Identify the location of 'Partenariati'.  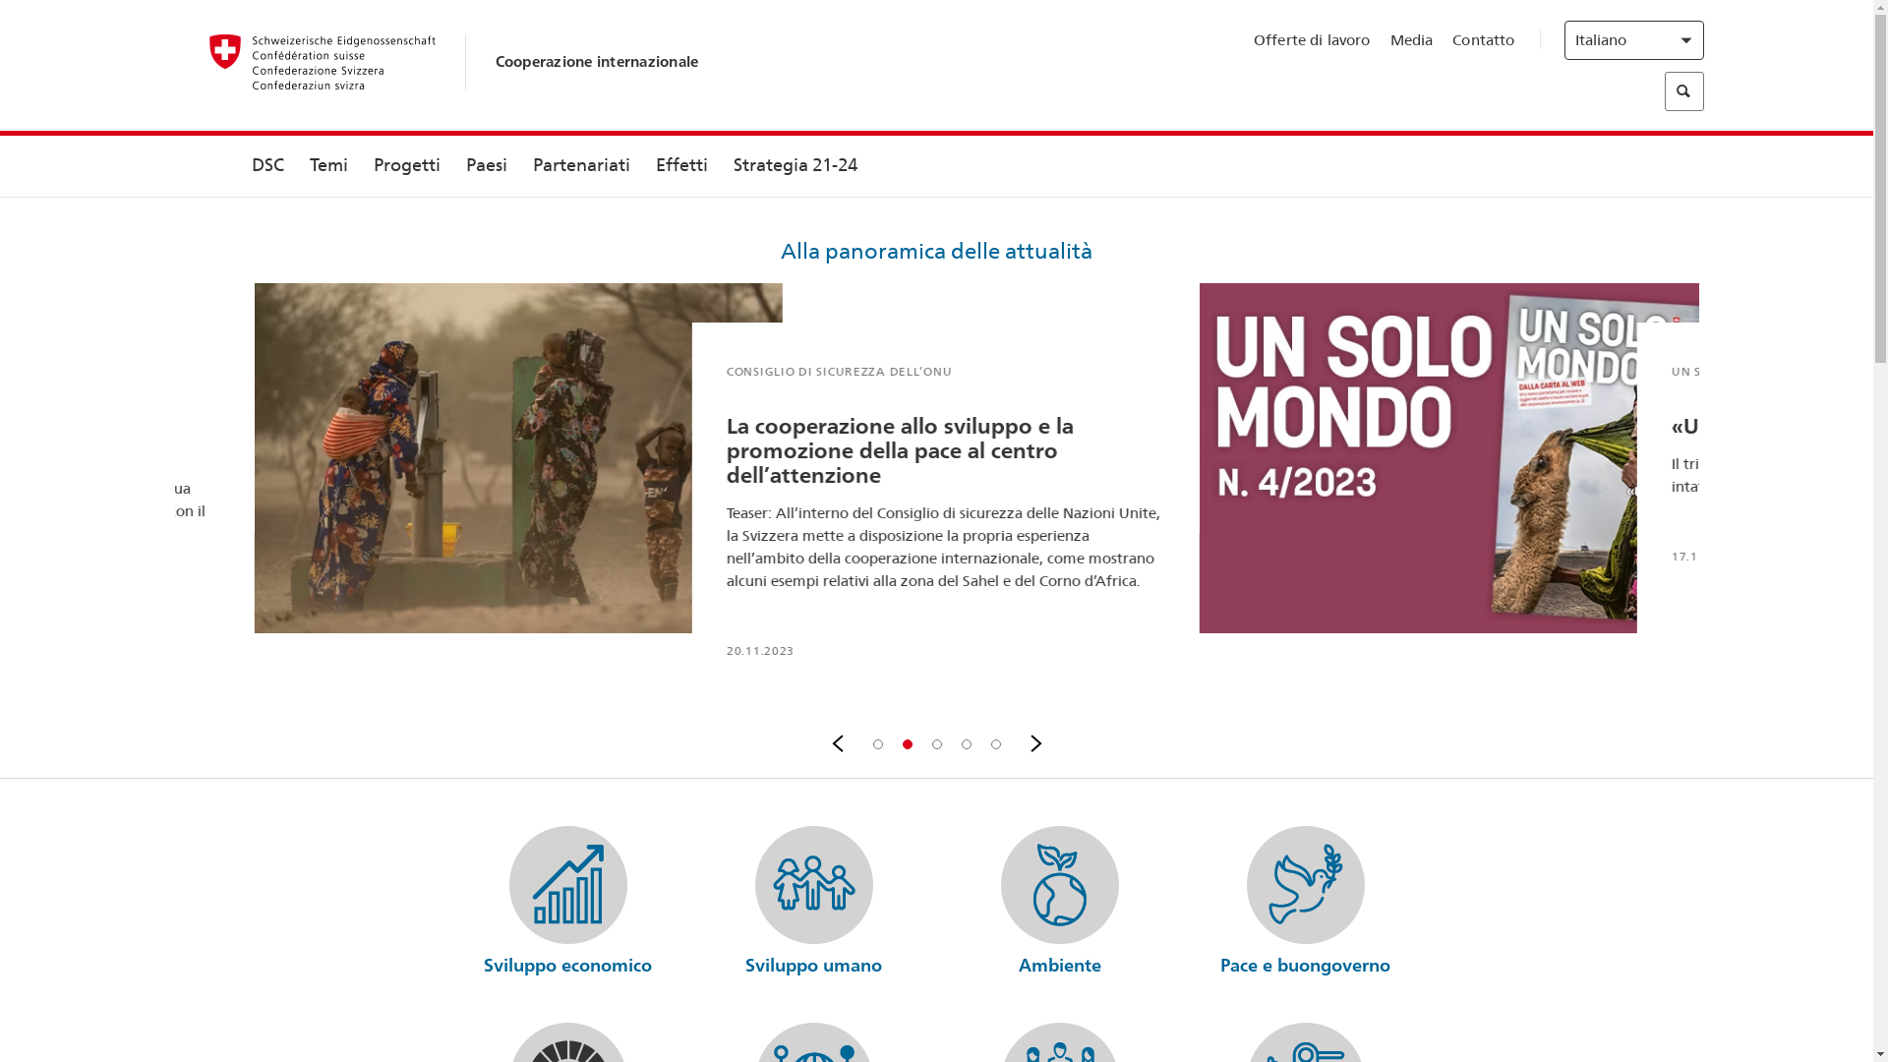
(579, 165).